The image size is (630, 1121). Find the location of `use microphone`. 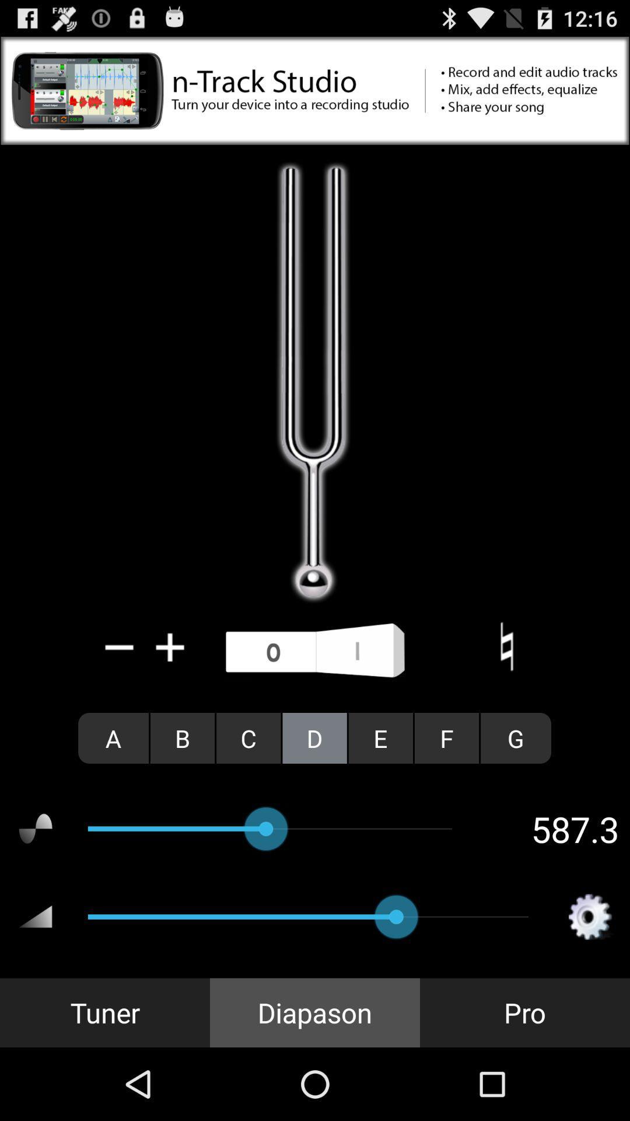

use microphone is located at coordinates (315, 651).